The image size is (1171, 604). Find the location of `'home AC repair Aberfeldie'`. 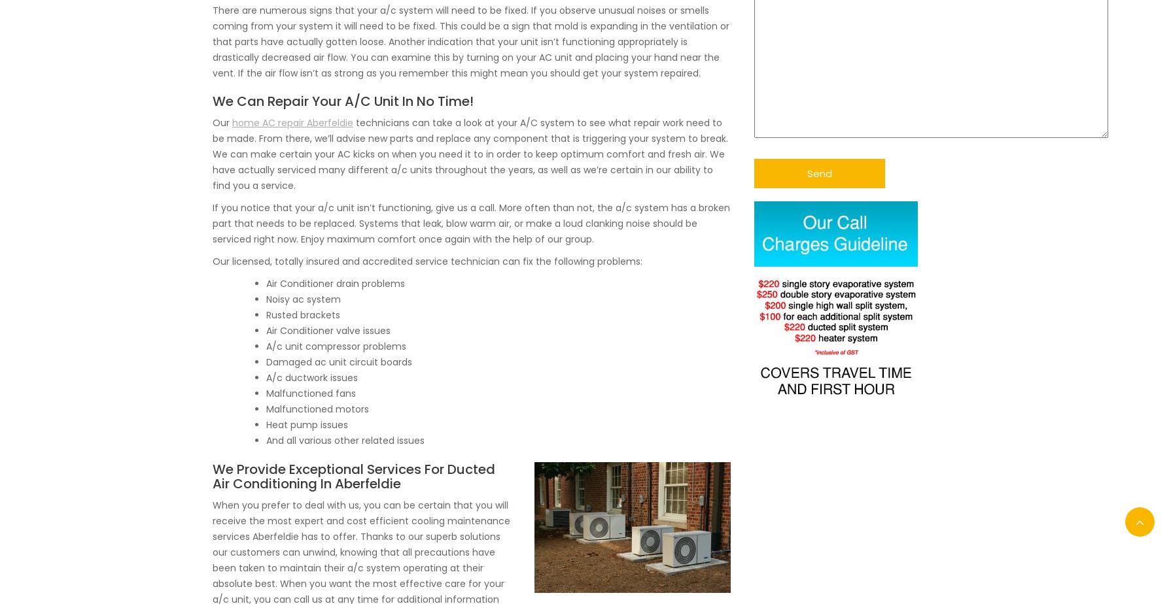

'home AC repair Aberfeldie' is located at coordinates (292, 122).